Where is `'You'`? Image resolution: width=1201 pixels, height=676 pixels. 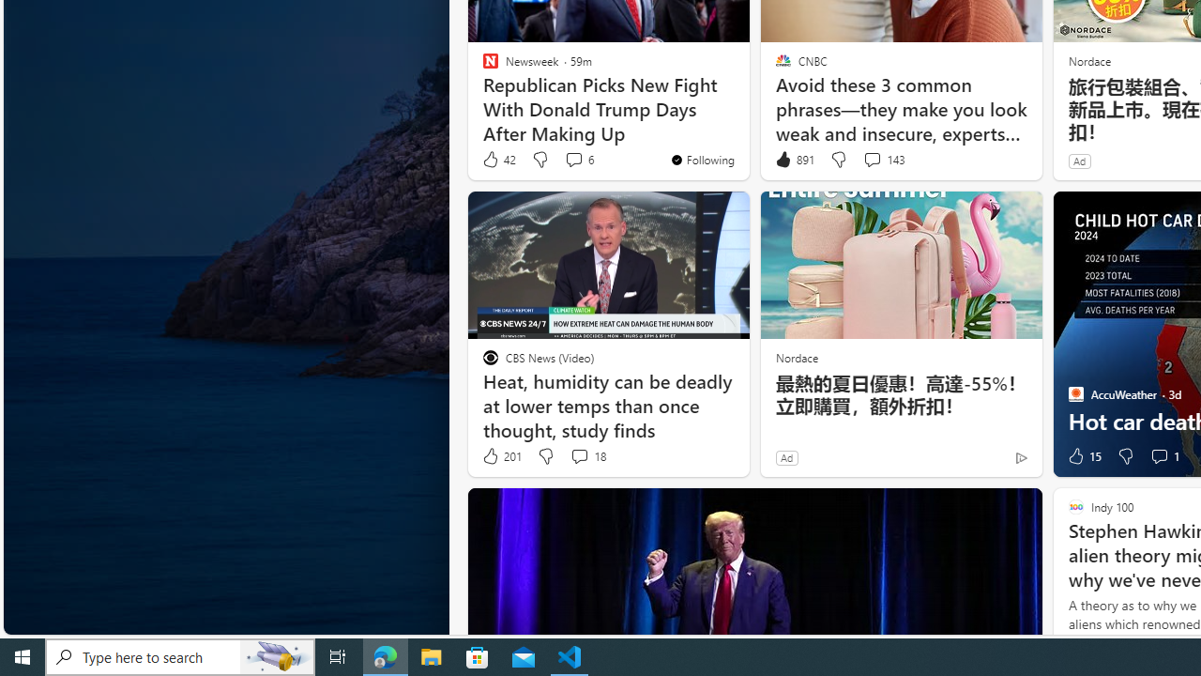
'You' is located at coordinates (701, 158).